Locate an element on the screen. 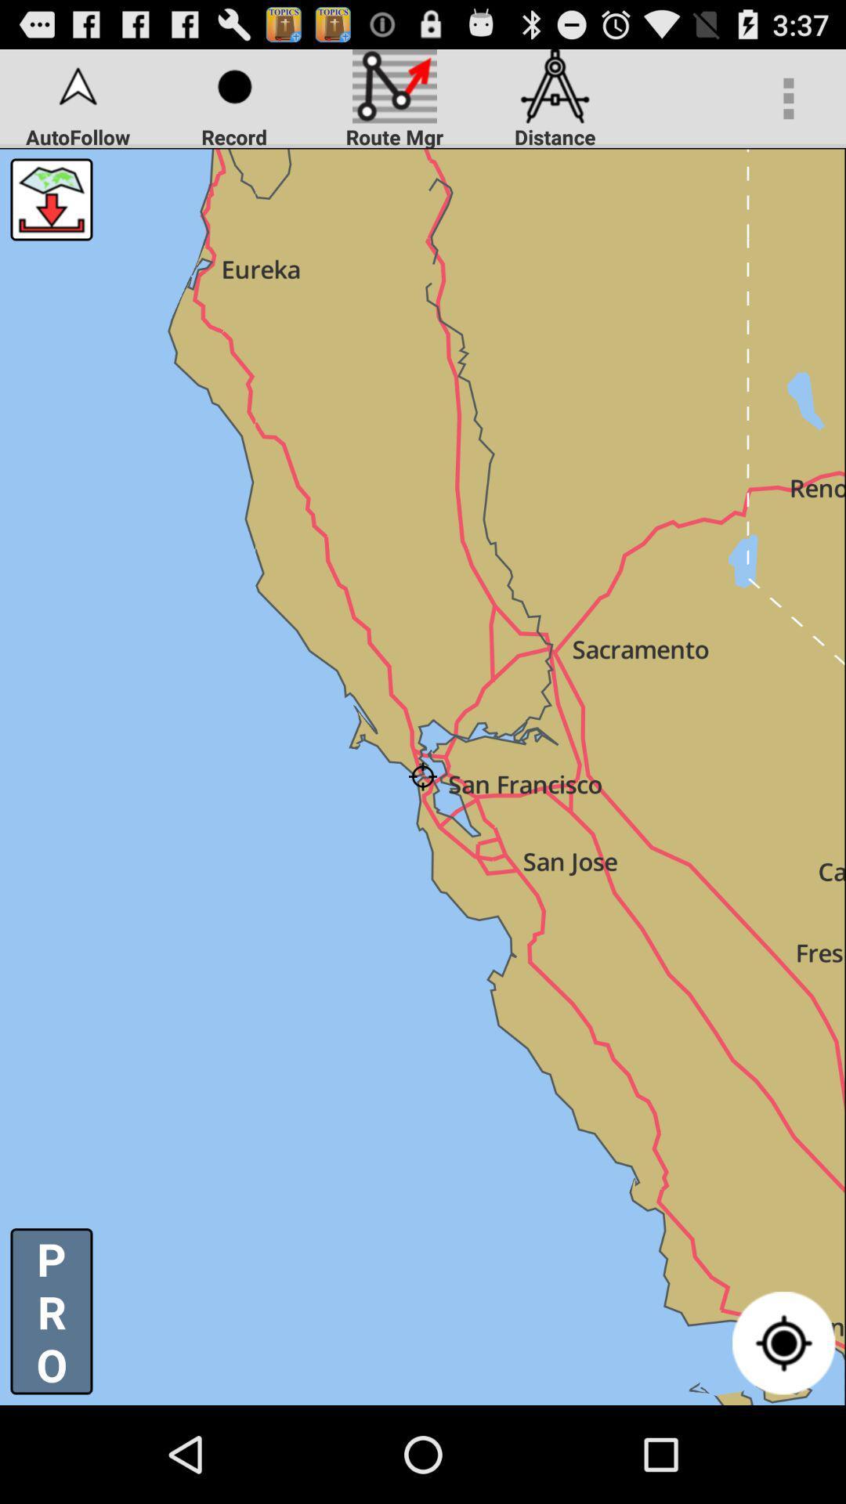 The height and width of the screenshot is (1504, 846). the p is located at coordinates (50, 1311).